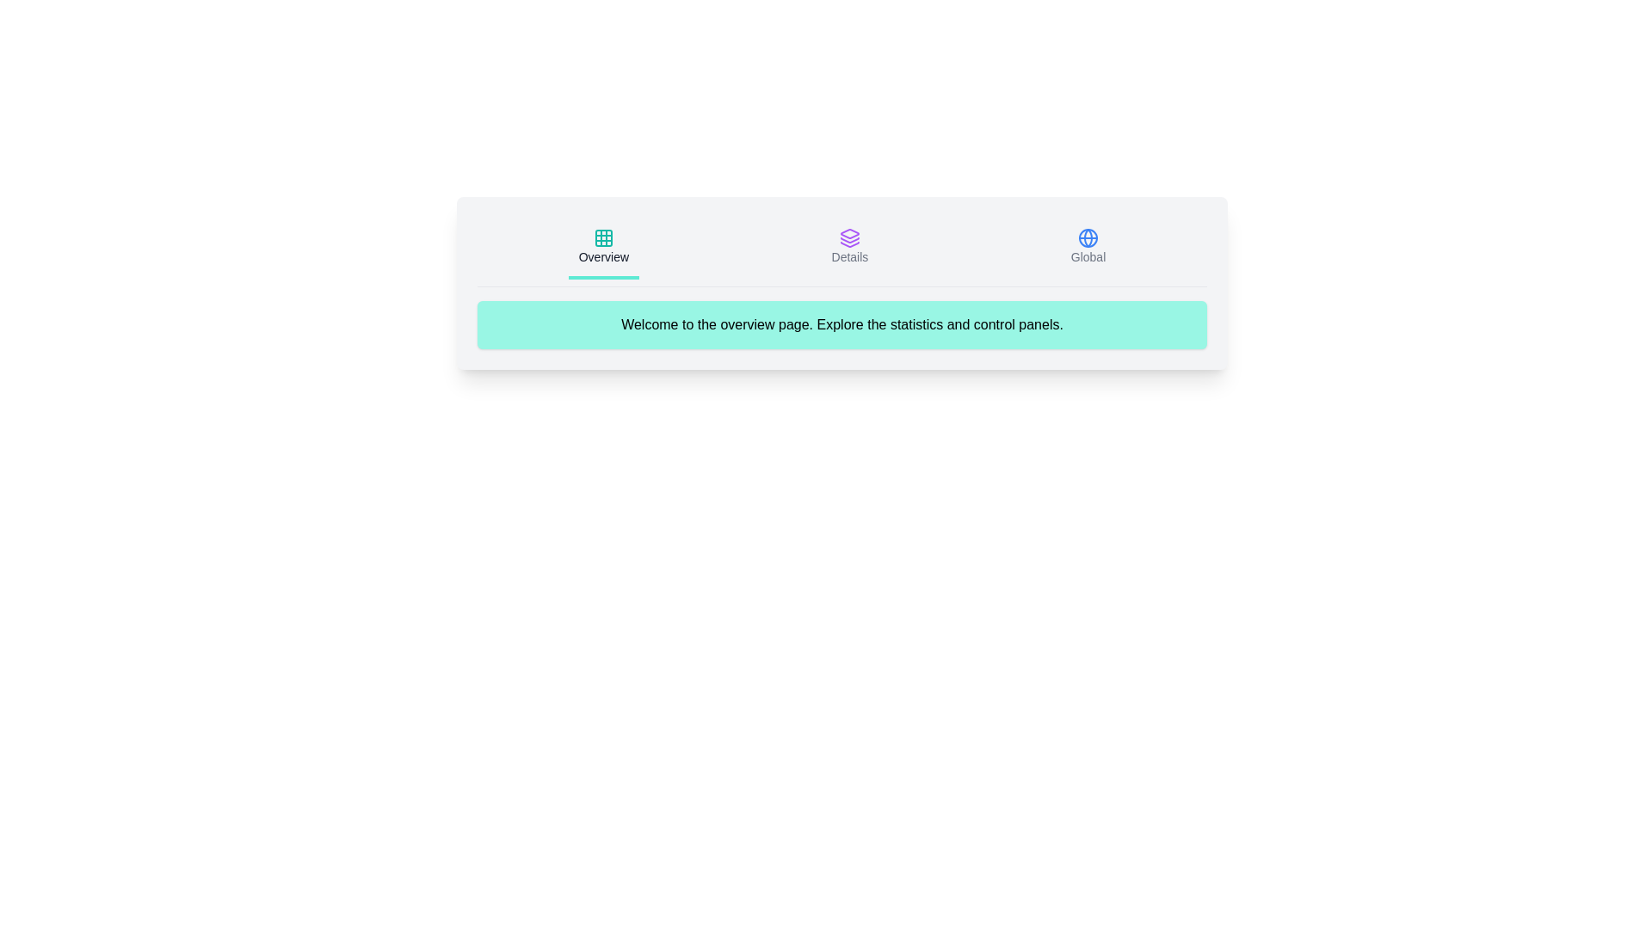 The image size is (1652, 929). Describe the element at coordinates (603, 249) in the screenshot. I see `the Overview tab to view its content` at that location.